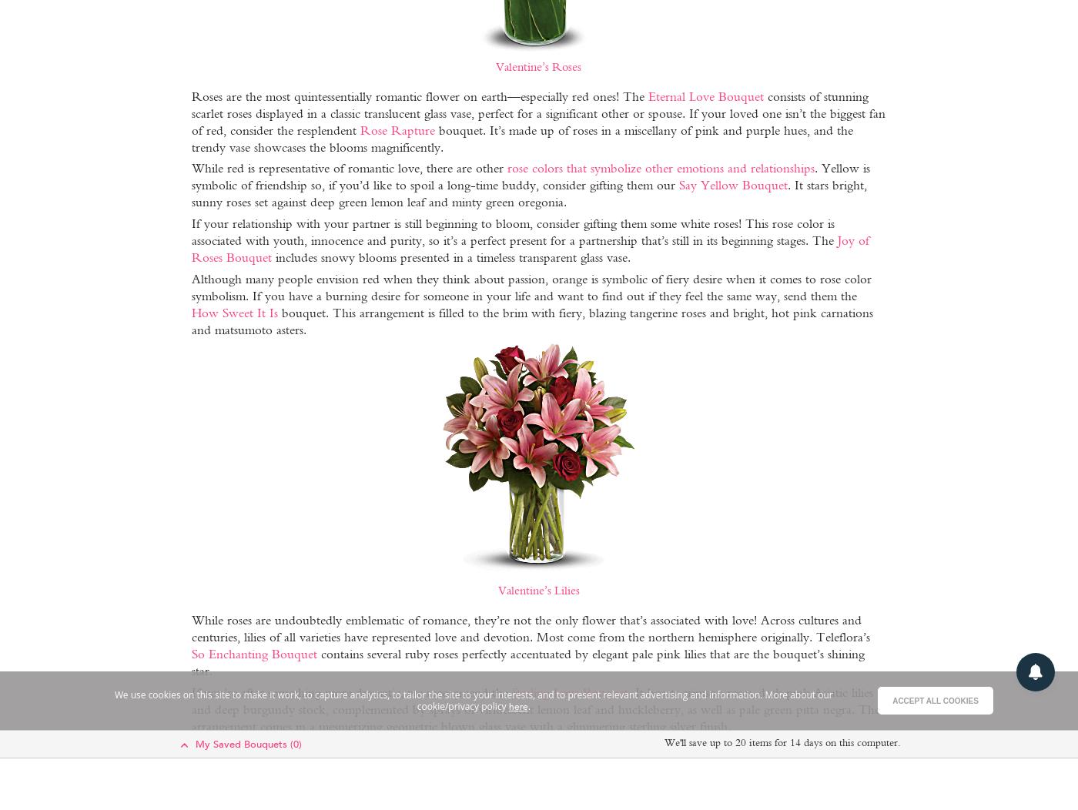 Image resolution: width=1078 pixels, height=810 pixels. What do you see at coordinates (253, 653) in the screenshot?
I see `'So Enchanting Bouquet'` at bounding box center [253, 653].